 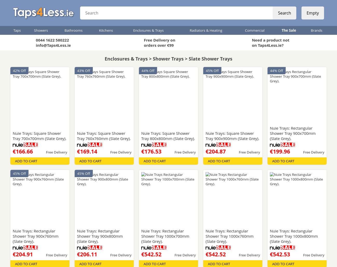 What do you see at coordinates (83, 71) in the screenshot?
I see `'43% Off'` at bounding box center [83, 71].